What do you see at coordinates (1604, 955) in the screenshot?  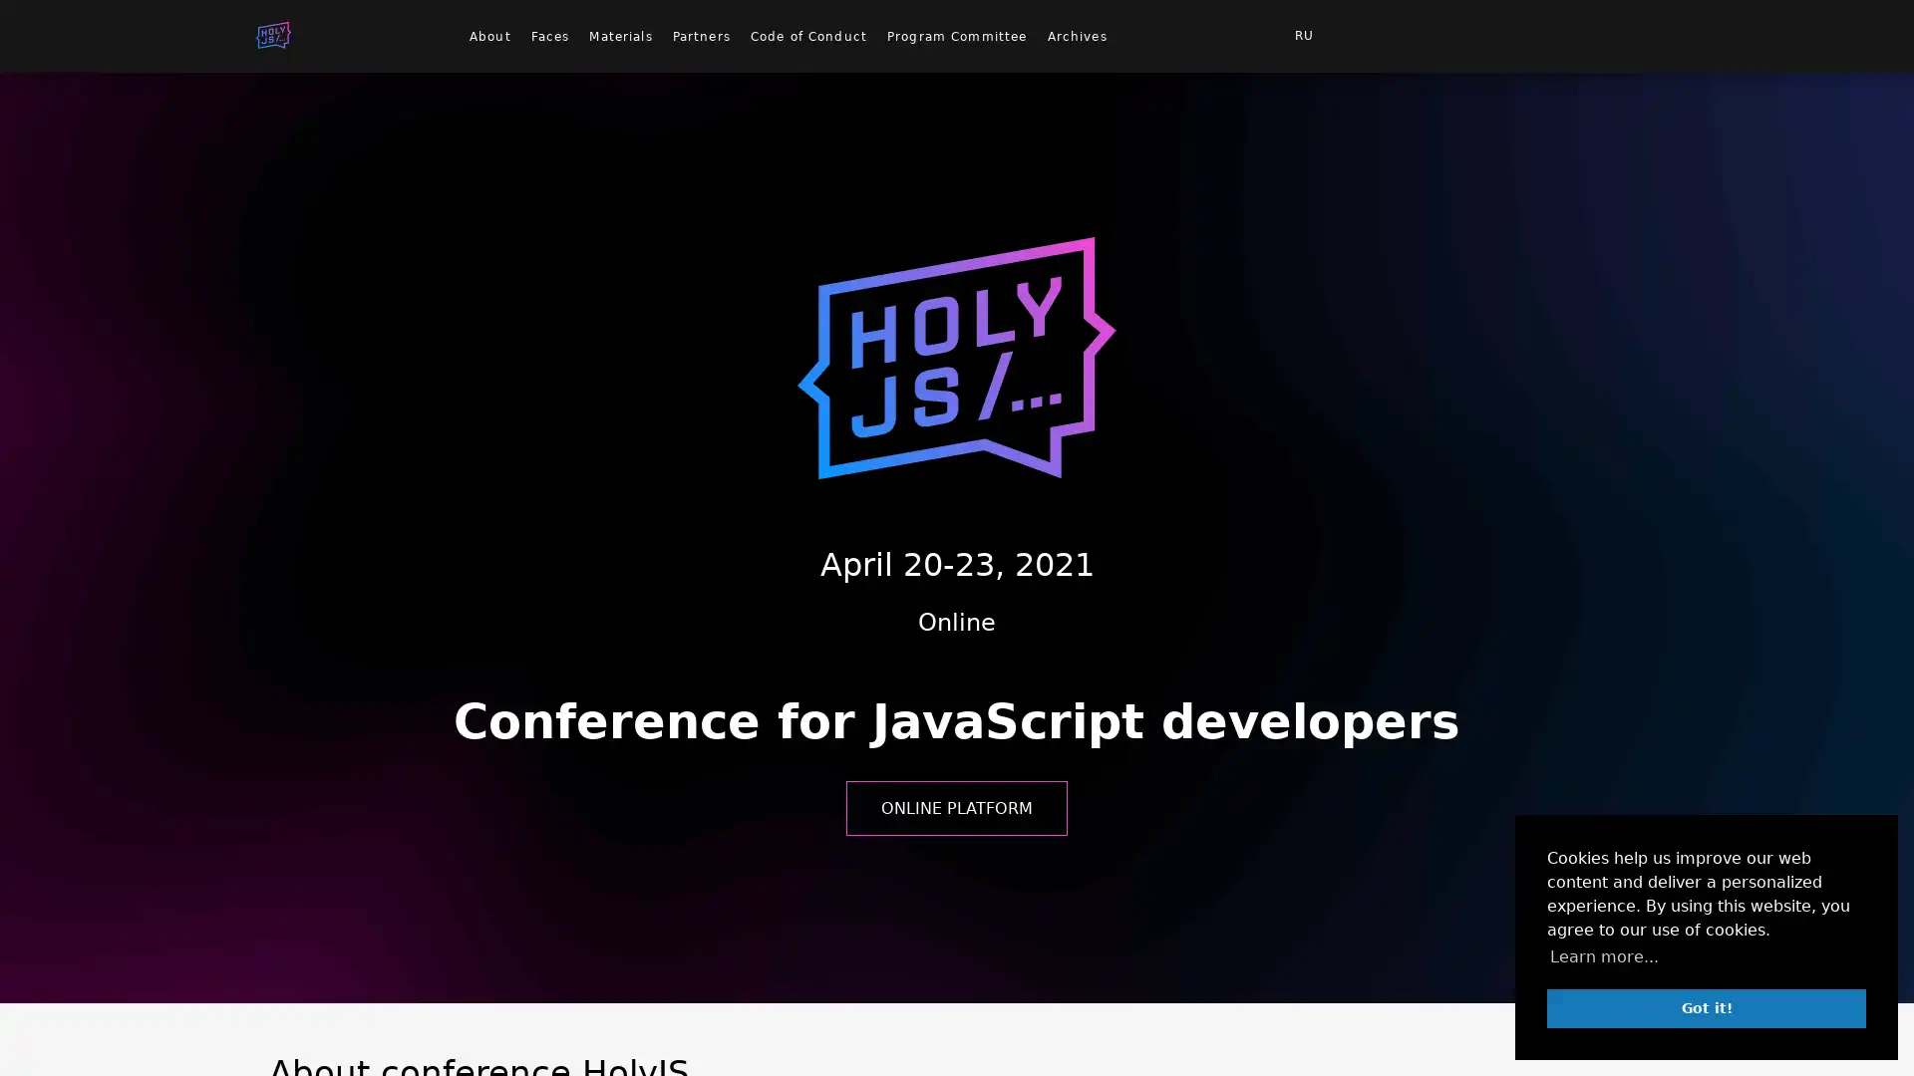 I see `learn more about cookies` at bounding box center [1604, 955].